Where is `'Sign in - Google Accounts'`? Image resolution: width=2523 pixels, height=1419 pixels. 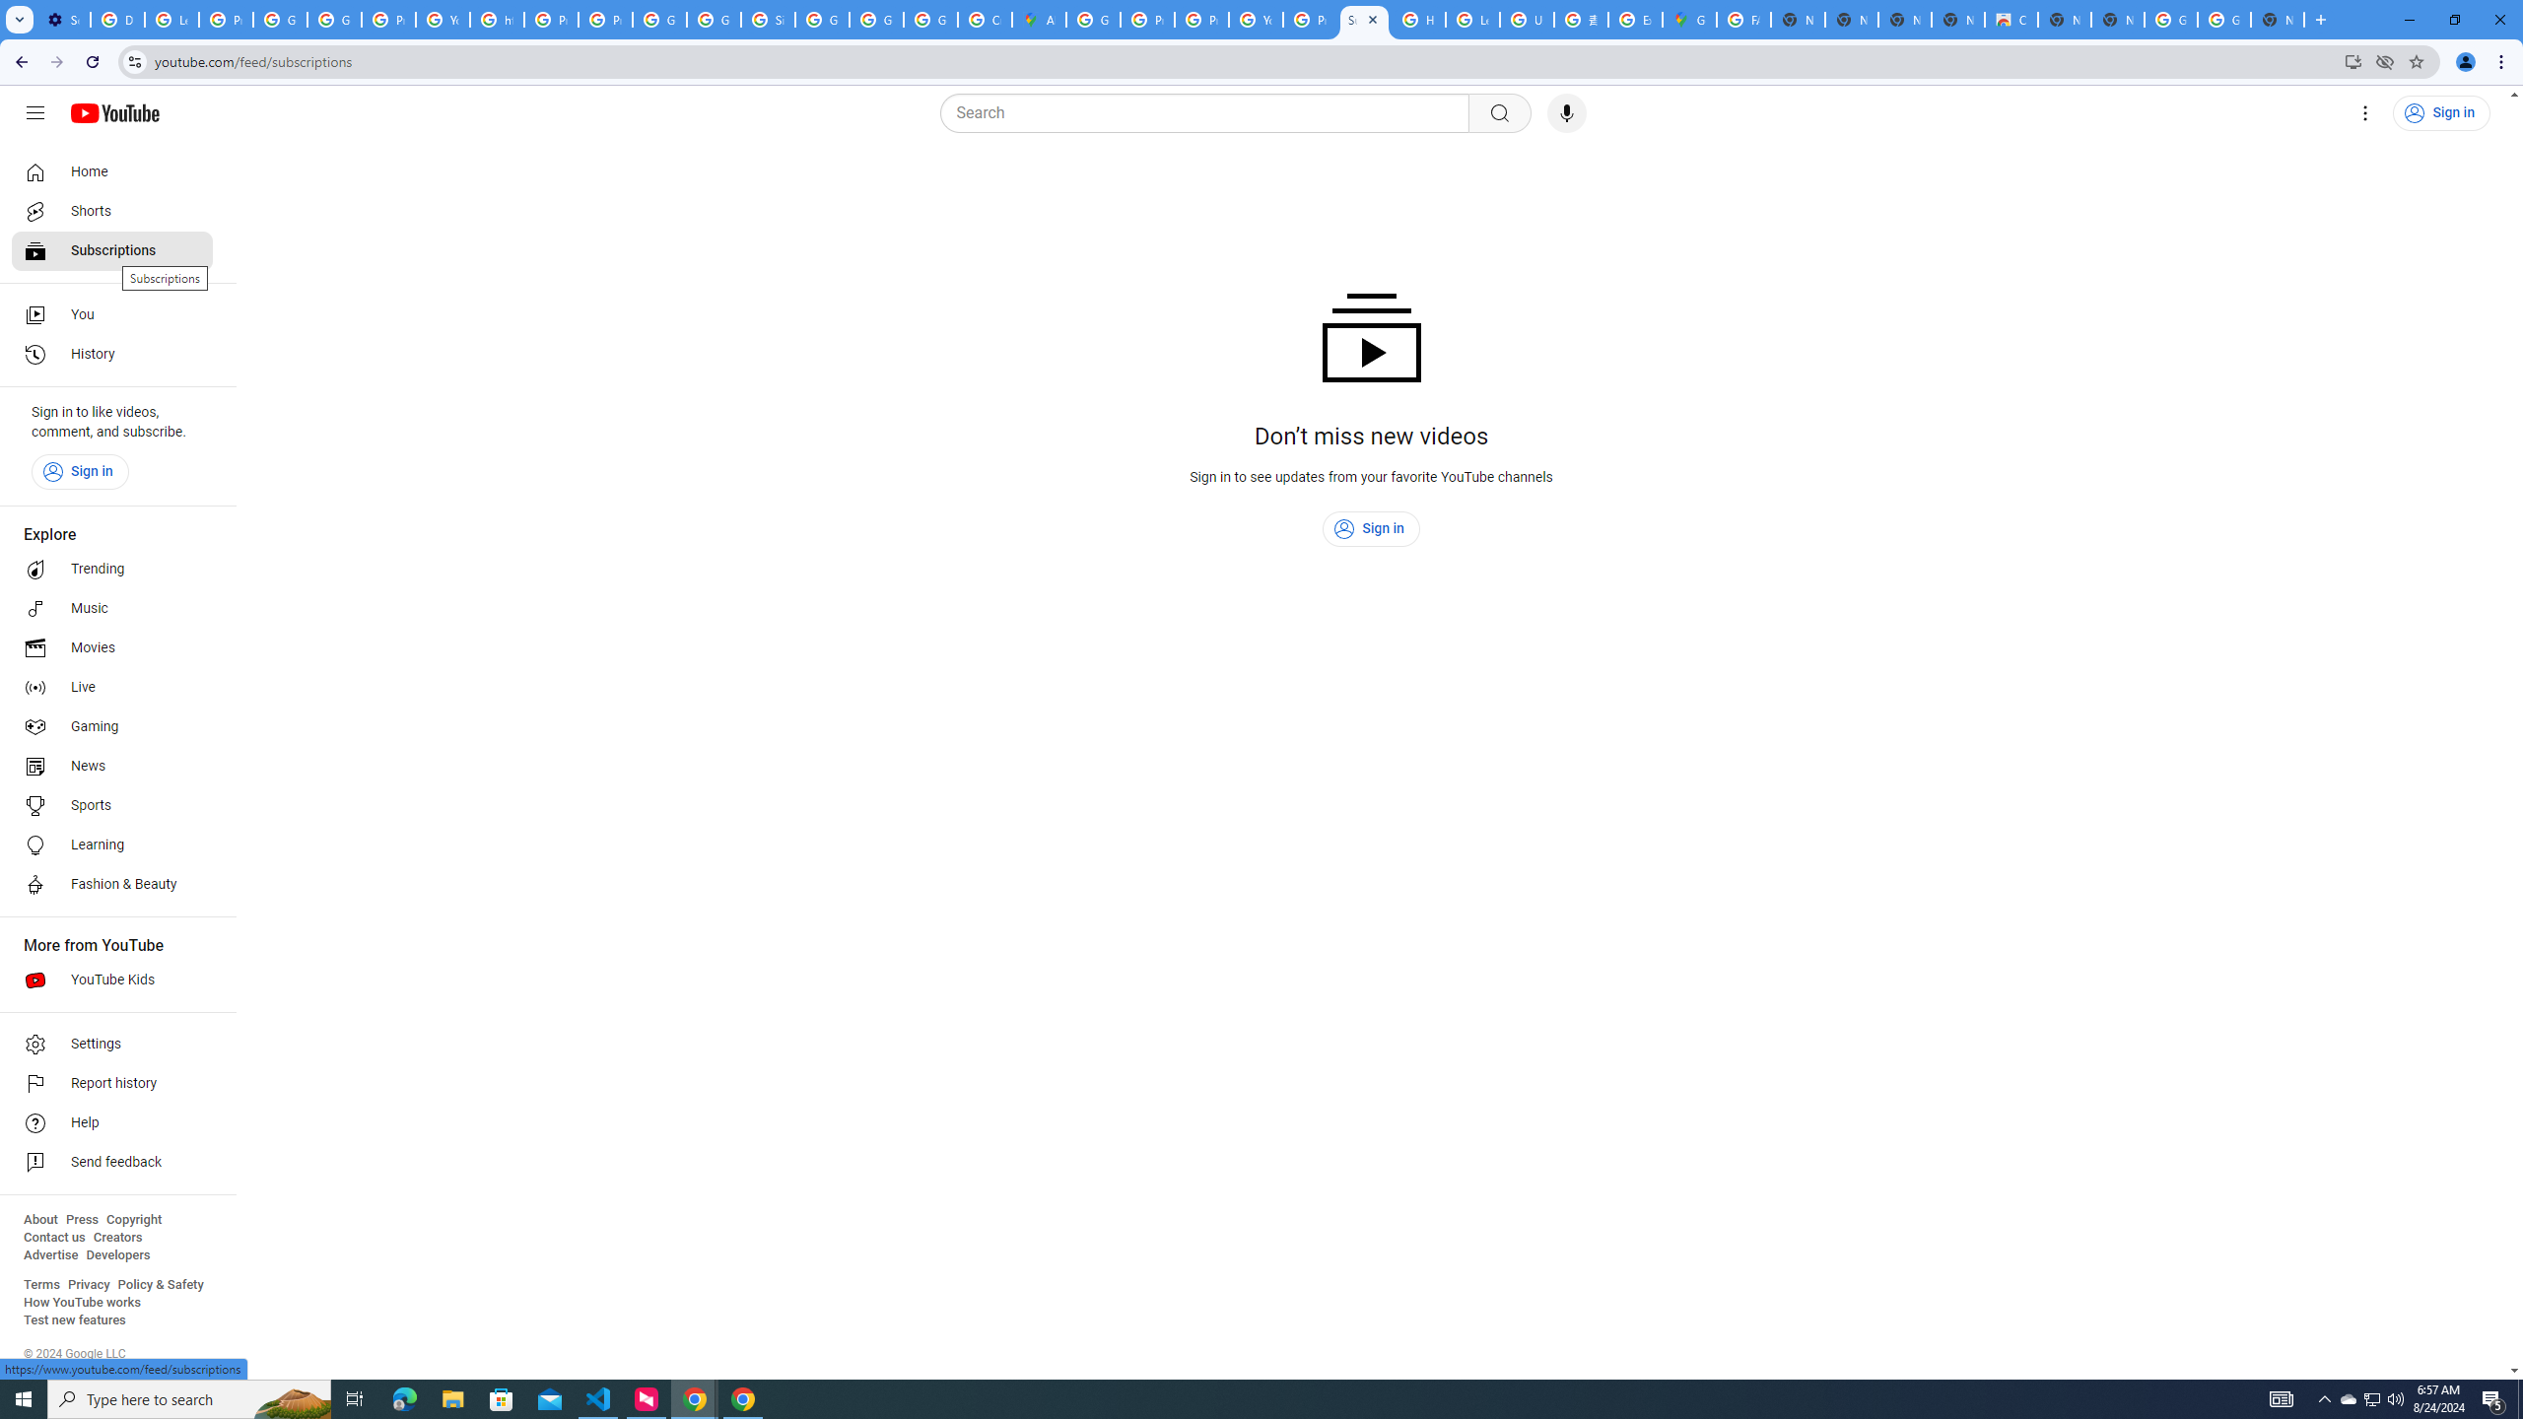
'Sign in - Google Accounts' is located at coordinates (767, 19).